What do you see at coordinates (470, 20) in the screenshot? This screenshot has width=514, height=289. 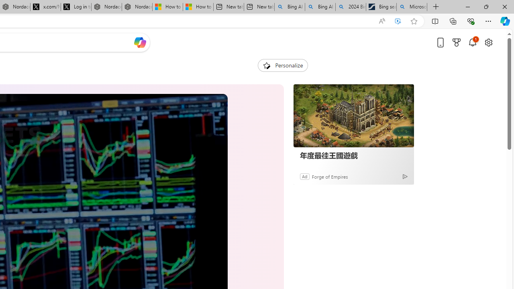 I see `'Browser essentials'` at bounding box center [470, 20].